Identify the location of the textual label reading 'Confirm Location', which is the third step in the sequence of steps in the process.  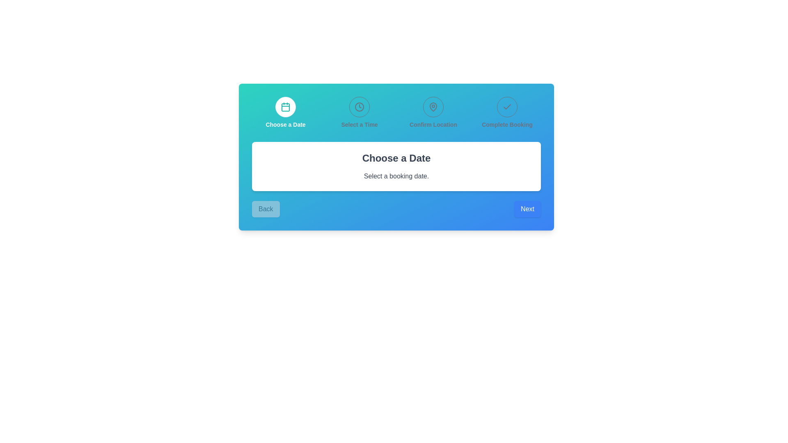
(433, 125).